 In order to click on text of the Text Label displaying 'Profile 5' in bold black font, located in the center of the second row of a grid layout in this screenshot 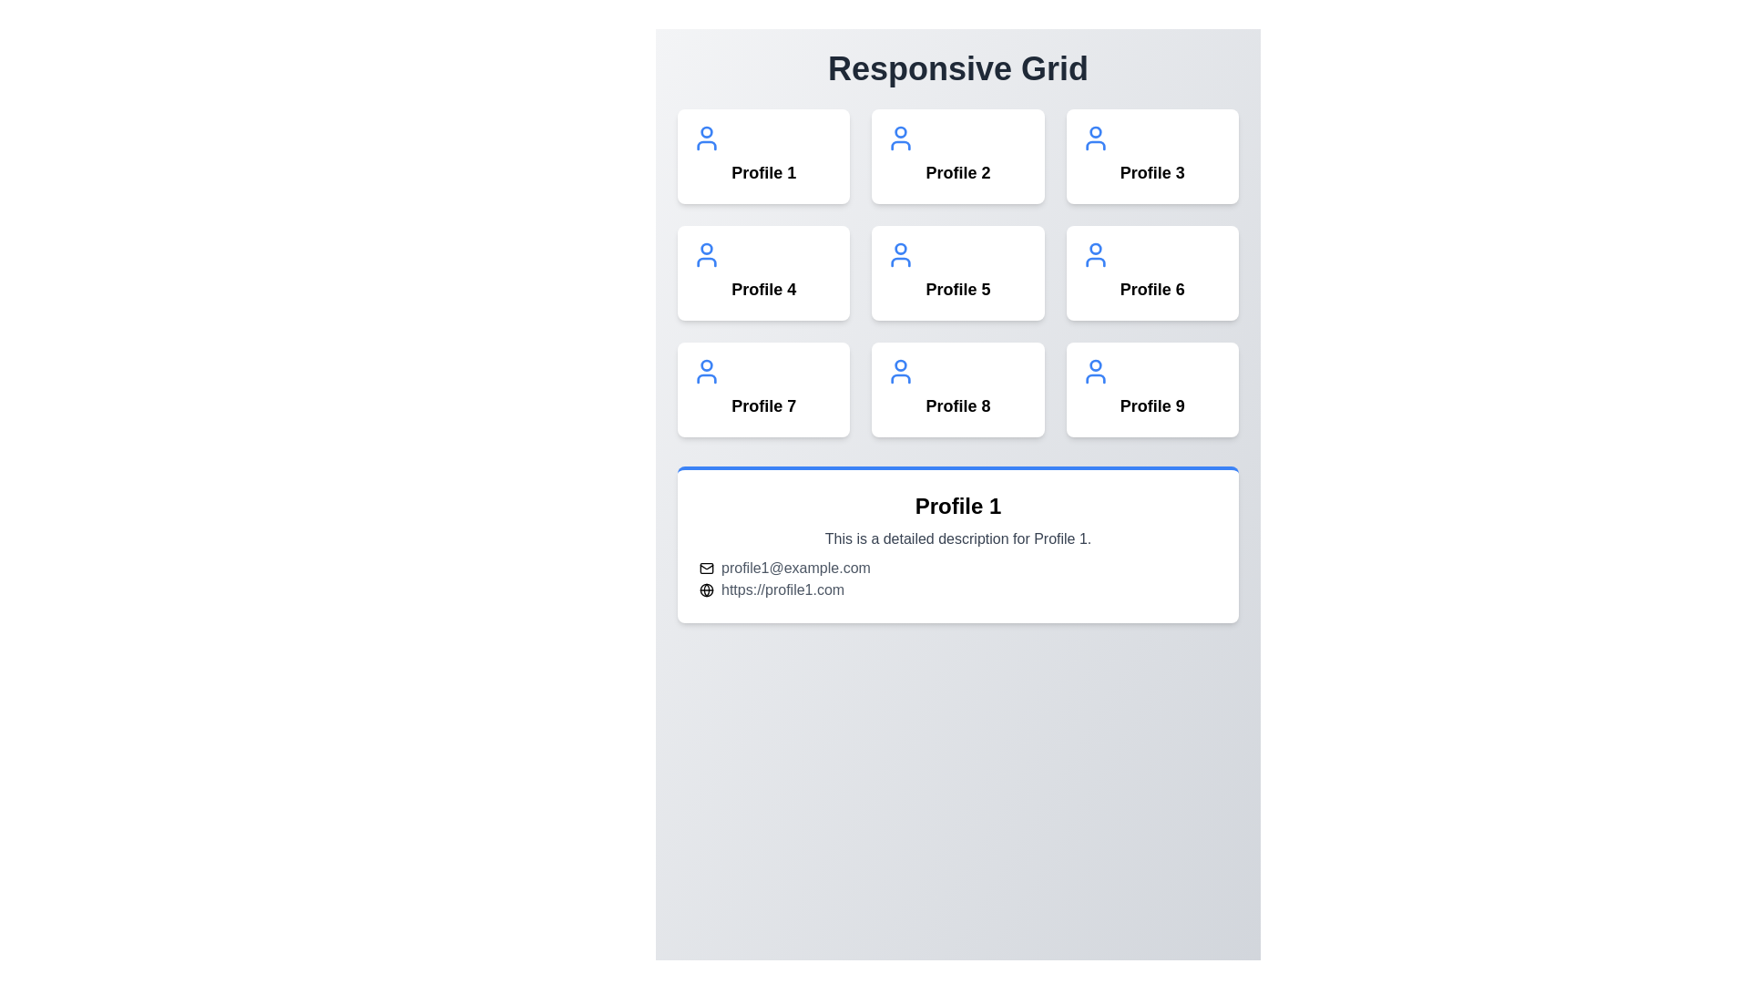, I will do `click(956, 288)`.